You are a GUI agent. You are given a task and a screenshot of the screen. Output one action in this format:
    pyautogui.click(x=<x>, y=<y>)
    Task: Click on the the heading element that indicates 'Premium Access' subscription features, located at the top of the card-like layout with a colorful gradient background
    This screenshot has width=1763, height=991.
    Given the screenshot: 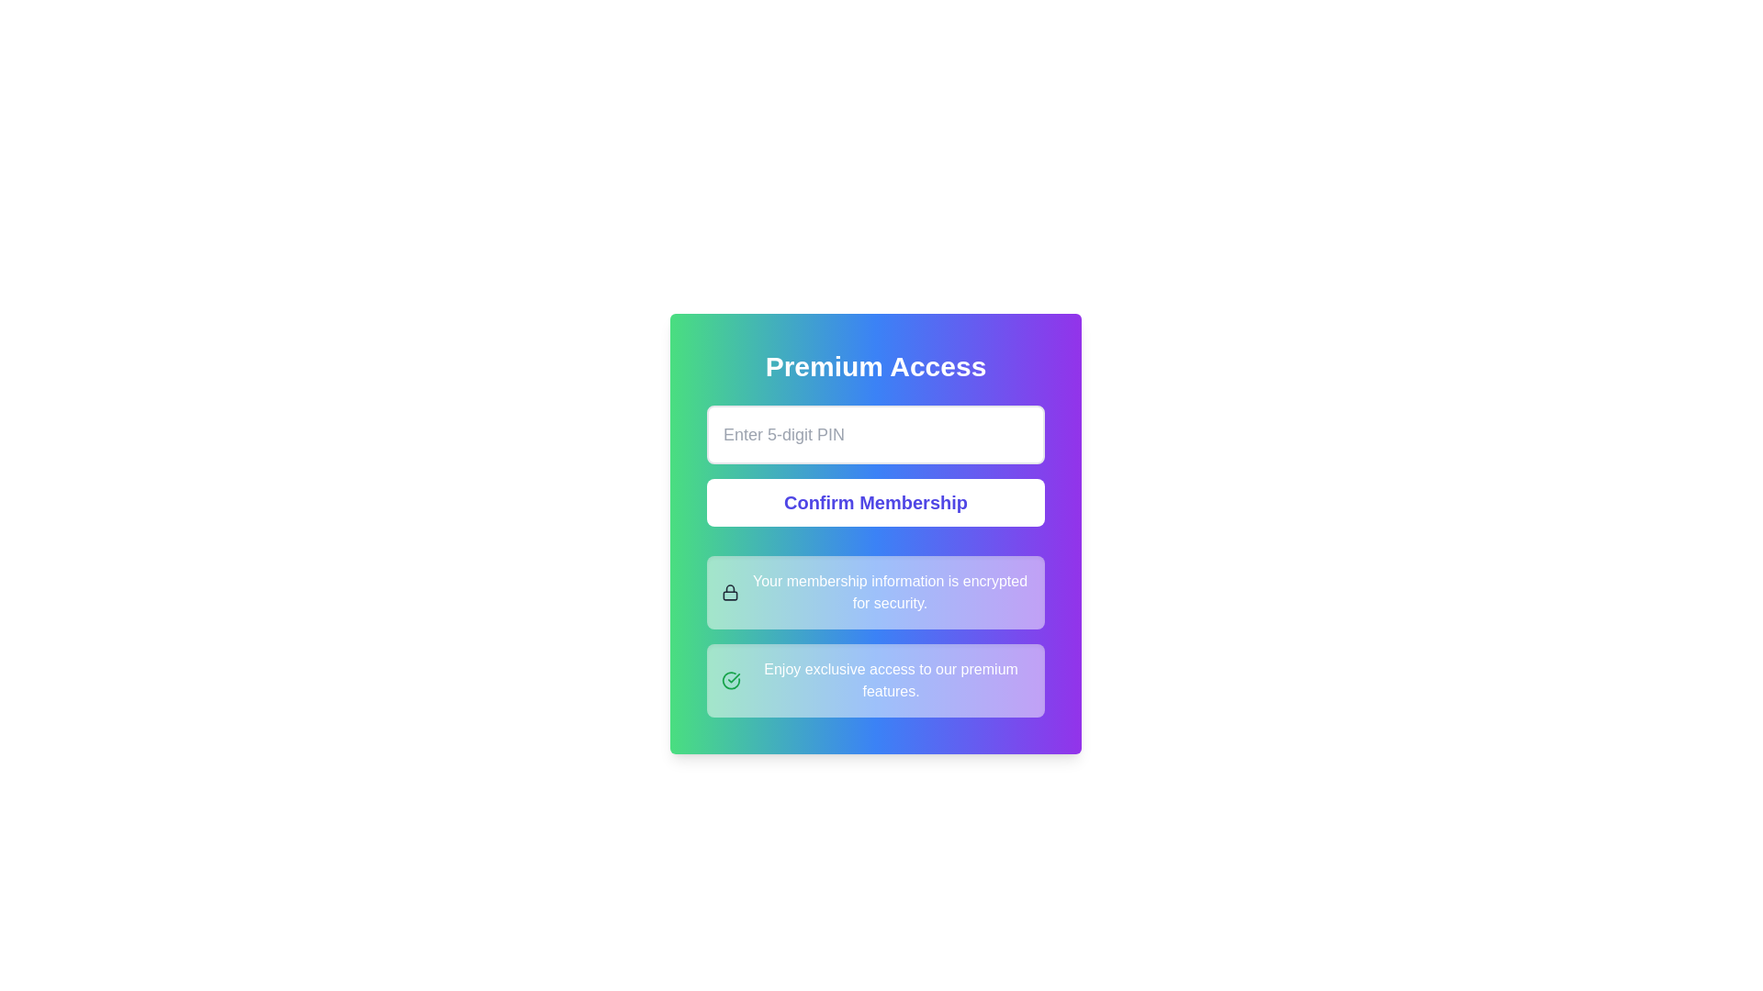 What is the action you would take?
    pyautogui.click(x=875, y=367)
    